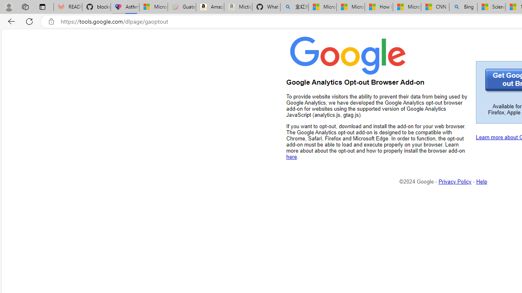 The image size is (522, 293). I want to click on 'How I Got Rid of Microsoft Edge', so click(378, 7).